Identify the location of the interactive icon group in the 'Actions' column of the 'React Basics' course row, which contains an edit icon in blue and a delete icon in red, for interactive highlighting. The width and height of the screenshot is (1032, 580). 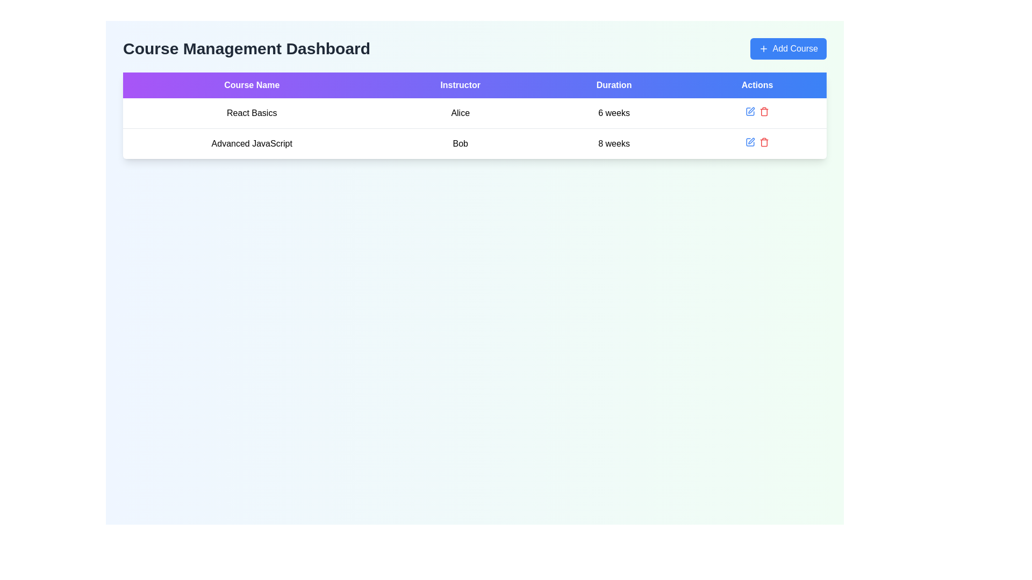
(757, 112).